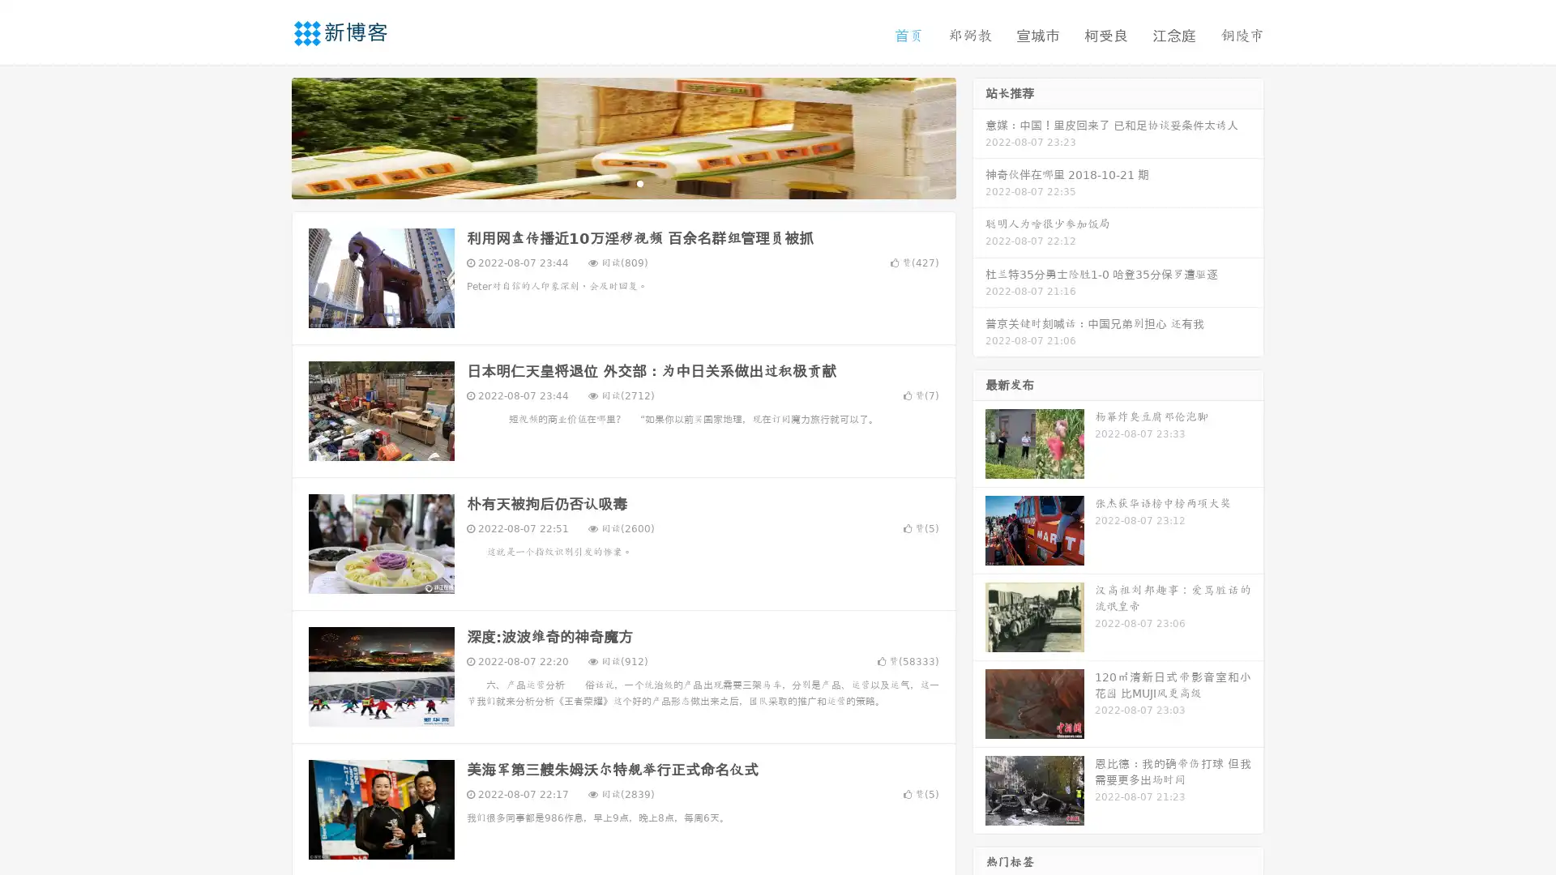  I want to click on Next slide, so click(979, 136).